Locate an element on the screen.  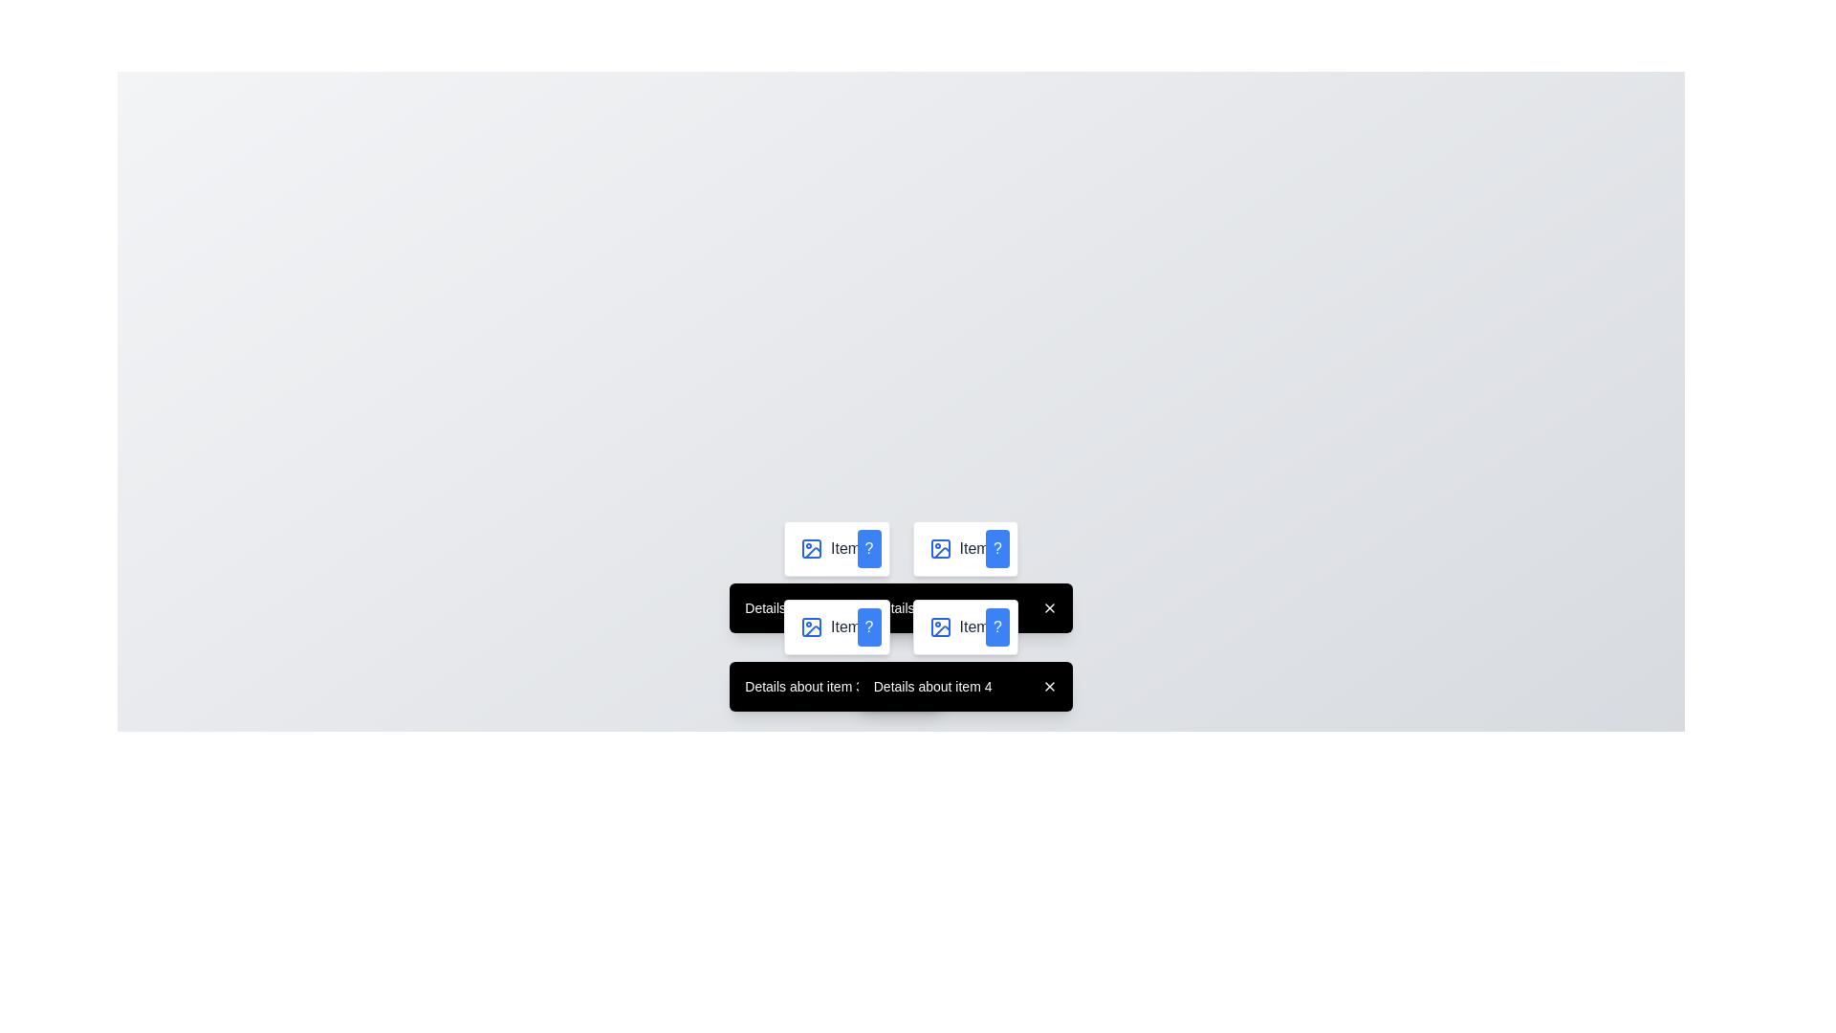
the blue-outlined square icon with rounded corners that serves as an image placeholder to trigger the tooltip is located at coordinates (812, 626).